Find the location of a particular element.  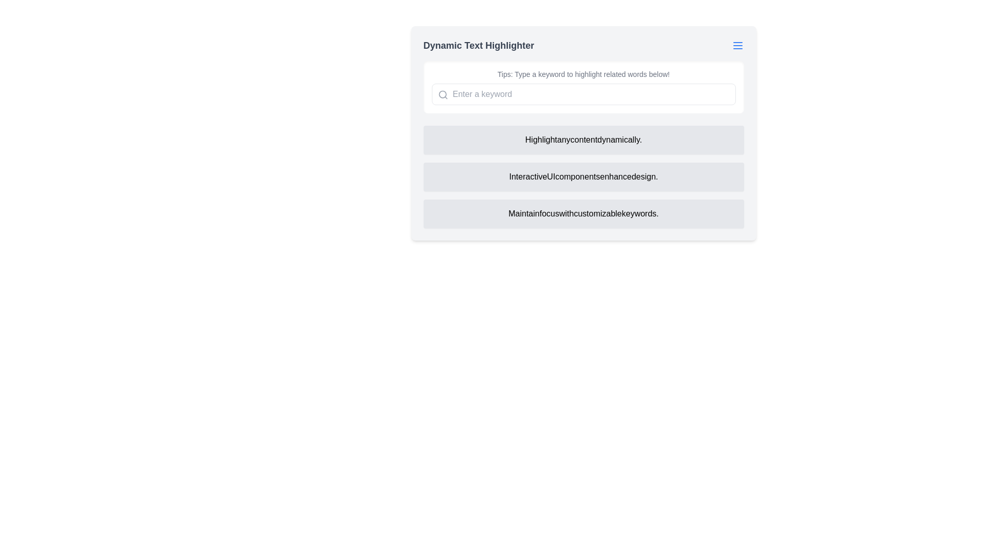

the text element displaying the word 'Interactive' in a standard sans-serif font, located in the second row of a vertically stacked list is located at coordinates (528, 176).